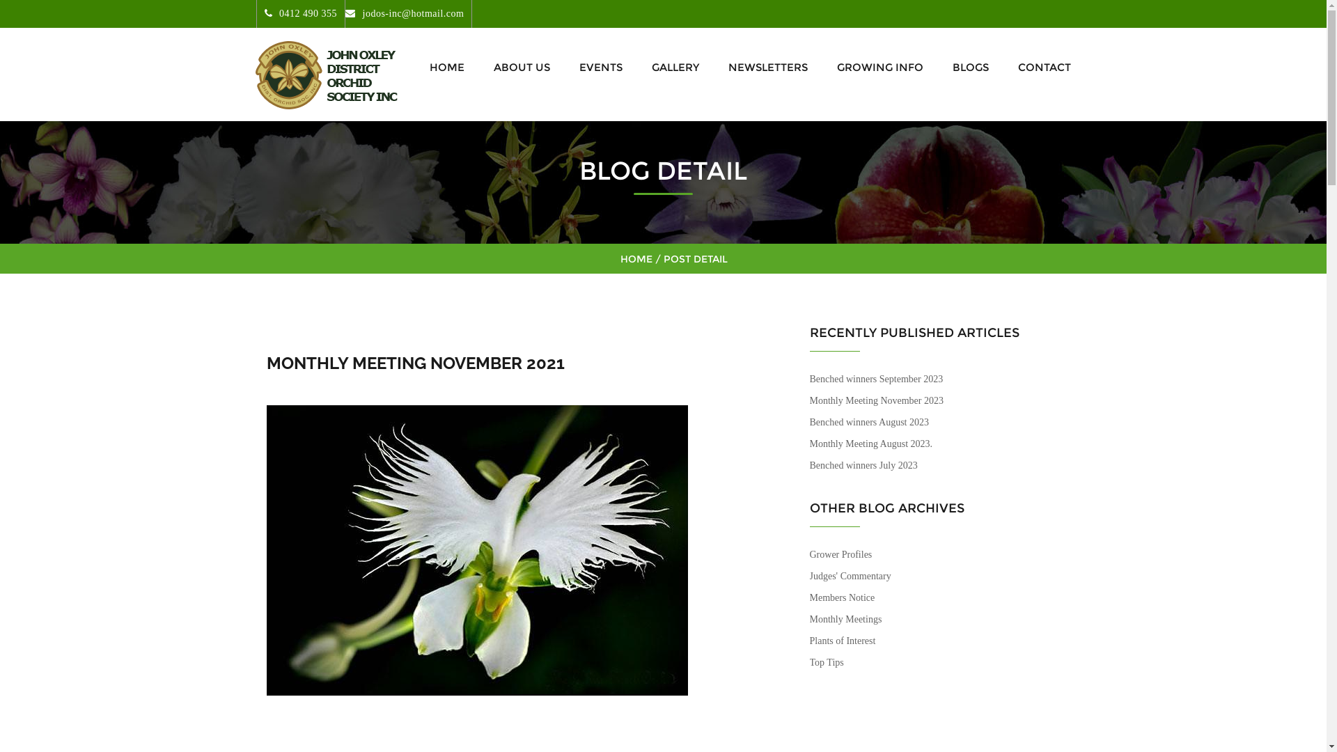 This screenshot has width=1337, height=752. Describe the element at coordinates (808, 641) in the screenshot. I see `'Plants of Interest'` at that location.